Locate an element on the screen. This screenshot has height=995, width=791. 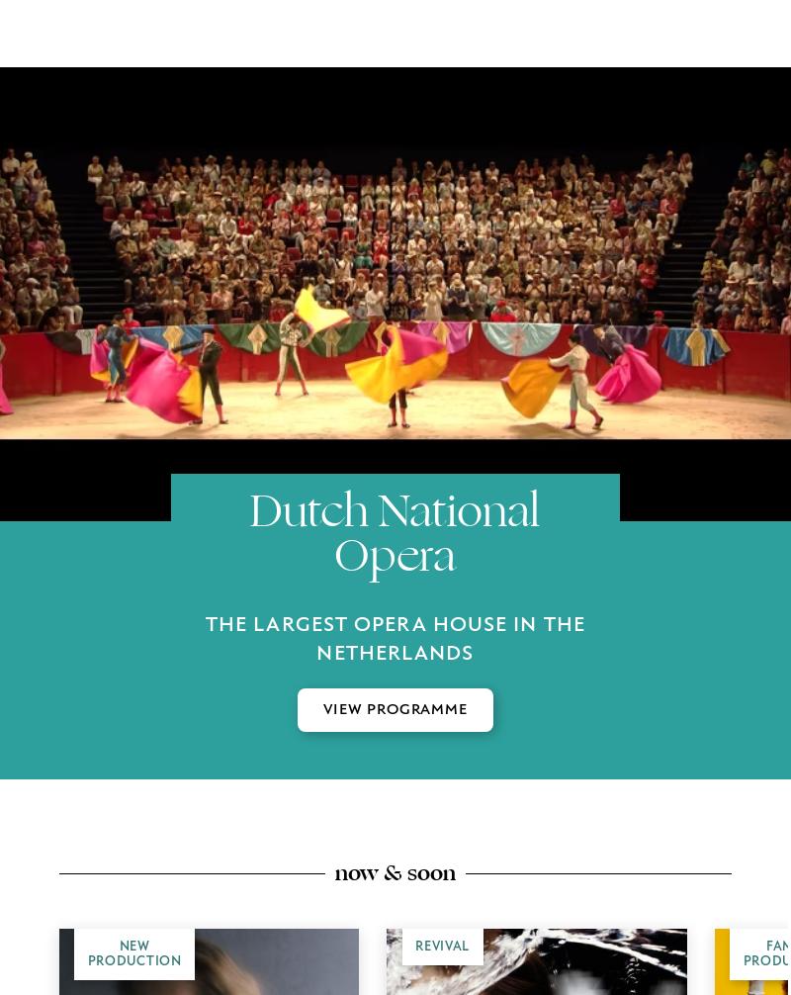
'Be the first to be informed about our productions and receive exclusive content in your inbox.' is located at coordinates (182, 387).